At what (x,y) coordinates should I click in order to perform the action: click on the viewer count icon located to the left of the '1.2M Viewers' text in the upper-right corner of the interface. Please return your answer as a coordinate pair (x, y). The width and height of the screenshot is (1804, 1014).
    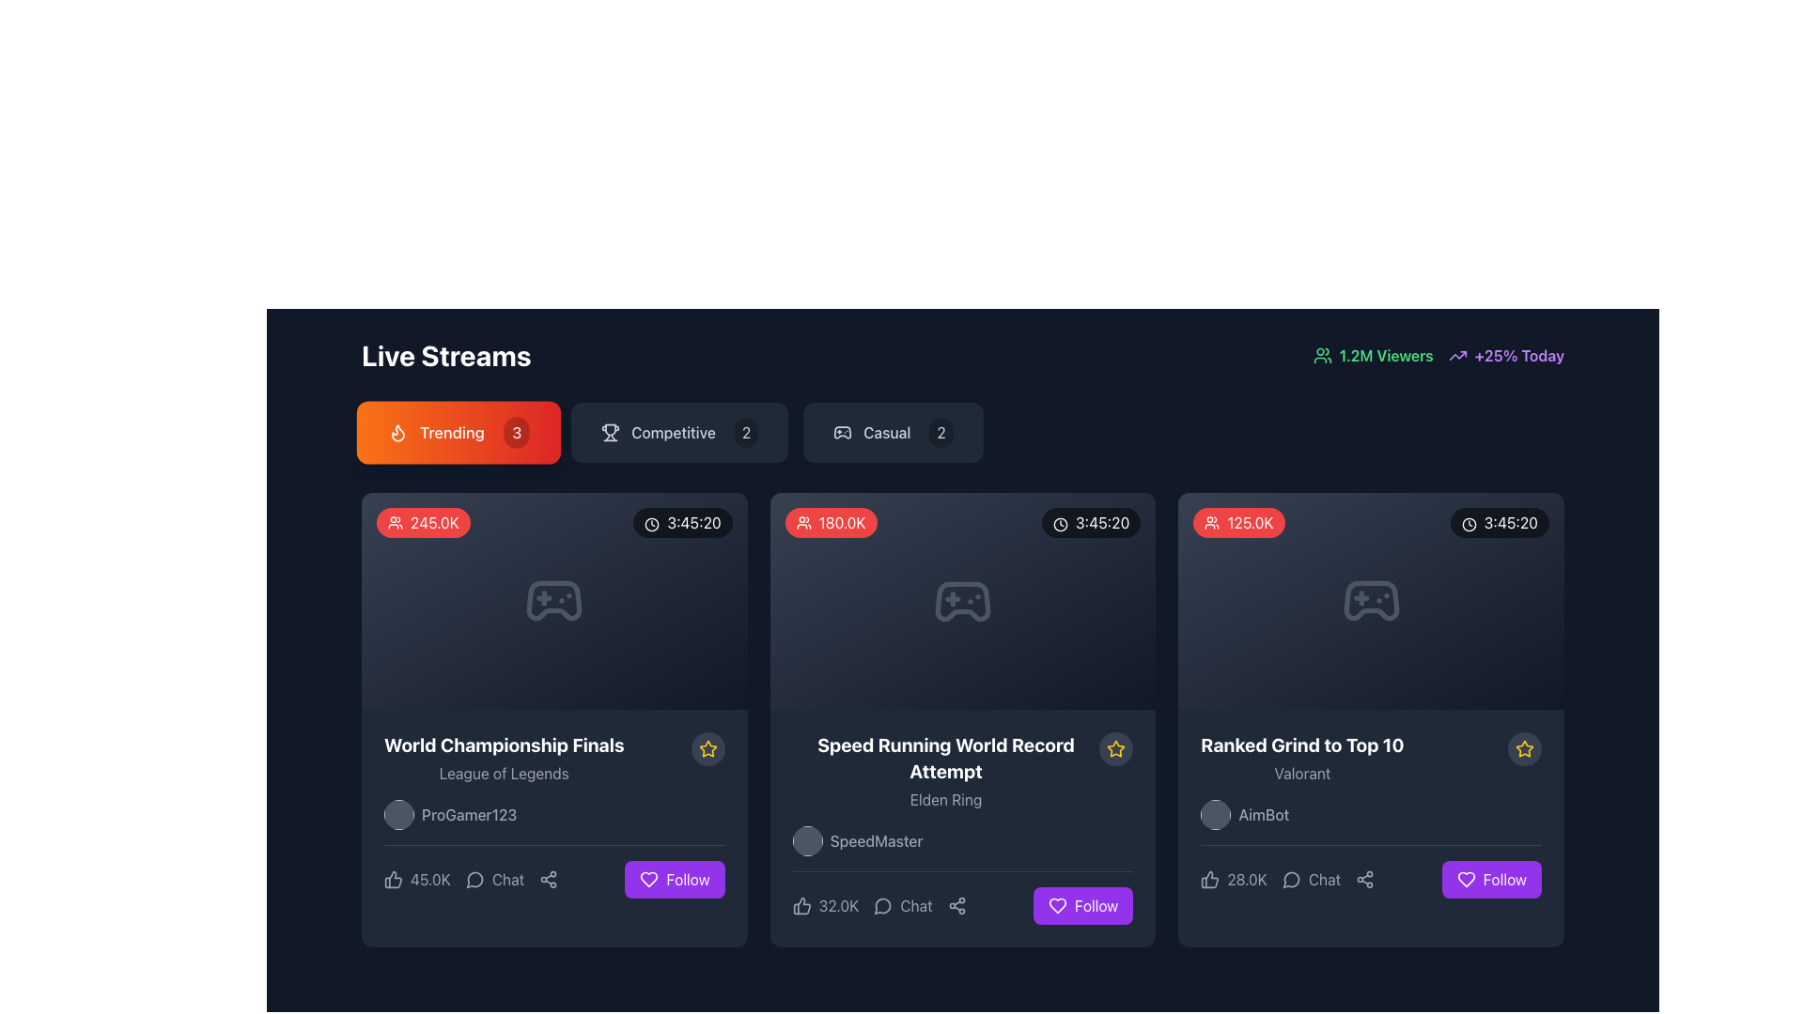
    Looking at the image, I should click on (1321, 355).